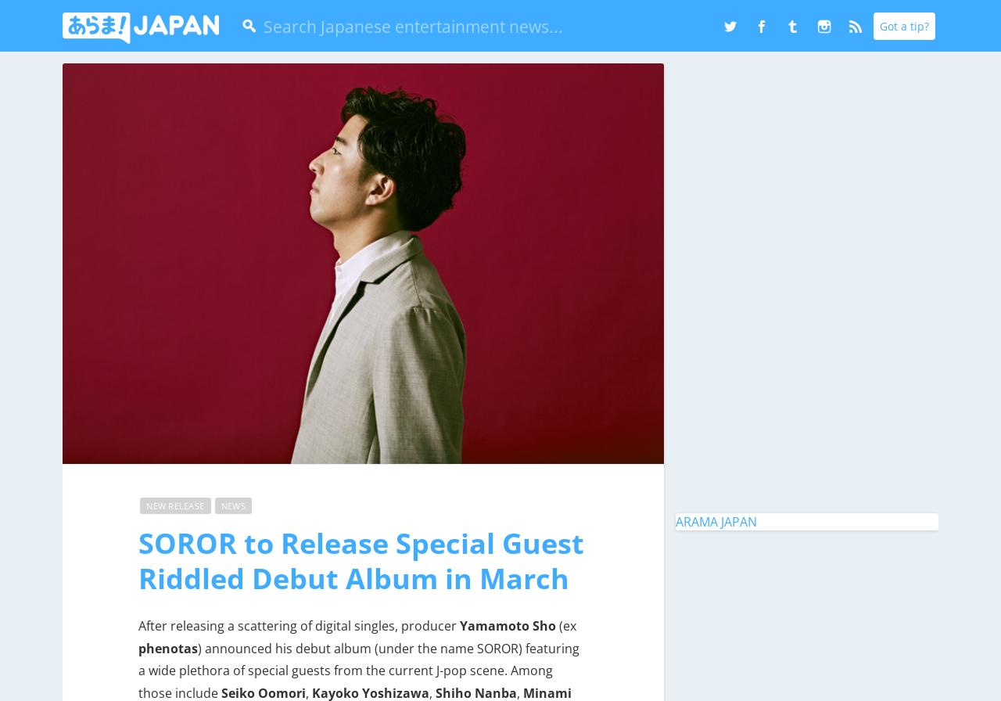 This screenshot has height=701, width=1001. Describe the element at coordinates (879, 26) in the screenshot. I see `'Got a tip?'` at that location.